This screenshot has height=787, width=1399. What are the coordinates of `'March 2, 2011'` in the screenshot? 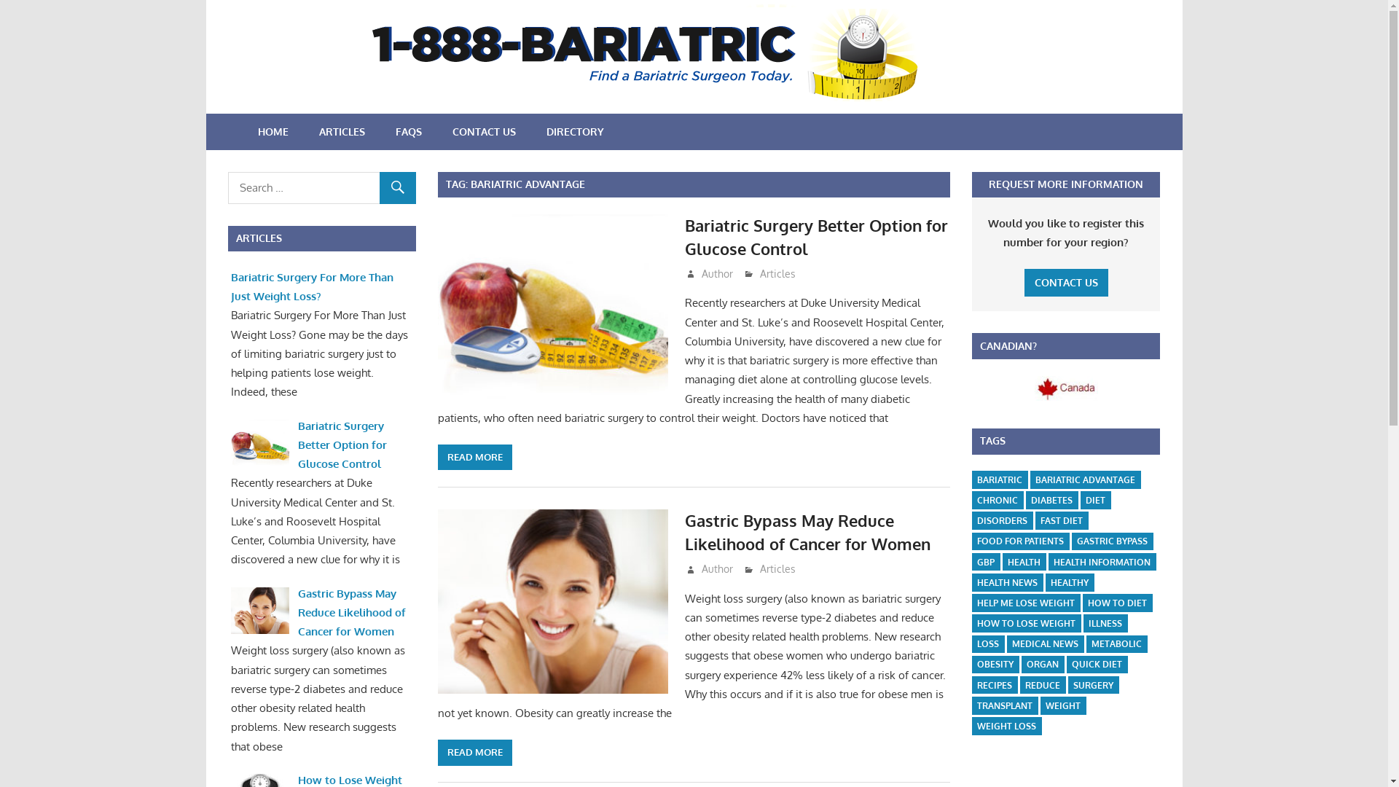 It's located at (698, 273).